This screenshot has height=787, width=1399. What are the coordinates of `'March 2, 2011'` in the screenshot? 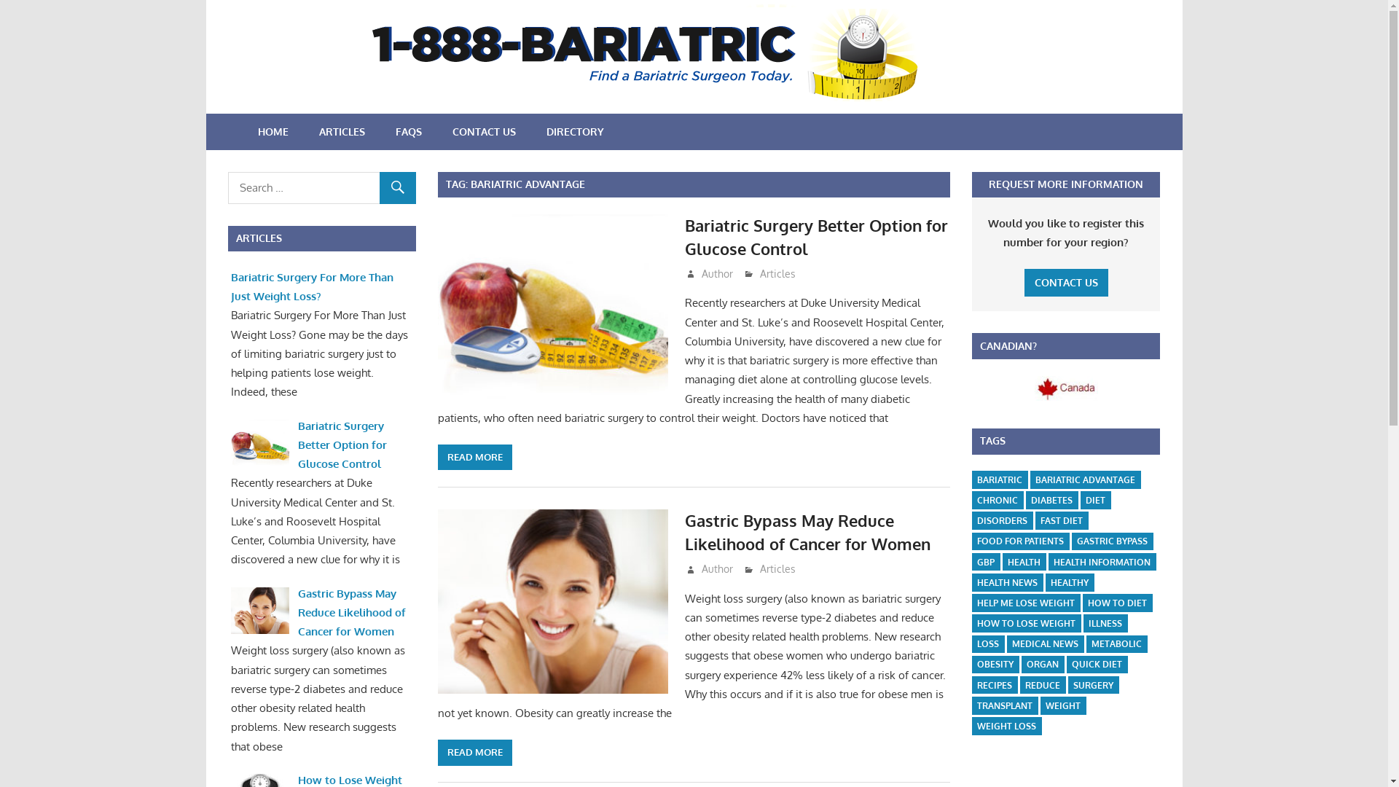 It's located at (698, 273).